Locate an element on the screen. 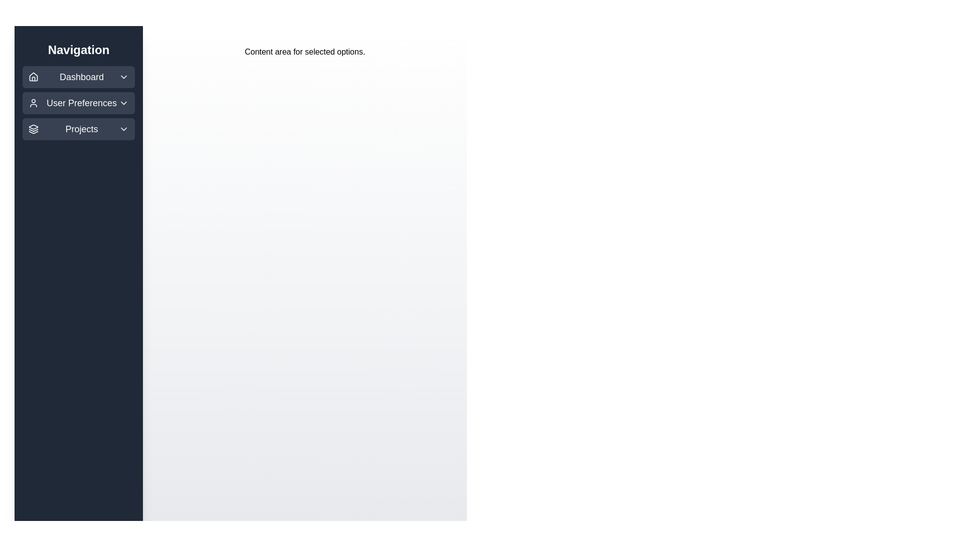 The width and height of the screenshot is (963, 541). the downward-pointing chevron icon that indicates a dropdown menu in the left-hand vertical navigation bar next to the 'Projects' navigation item is located at coordinates (123, 129).